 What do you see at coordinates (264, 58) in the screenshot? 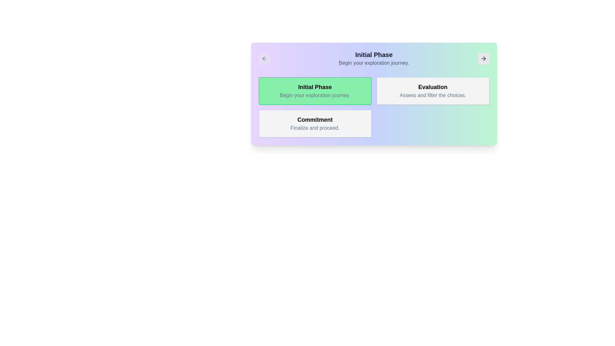
I see `the navigation button with an arrow icon located at the top-left corner of the card` at bounding box center [264, 58].